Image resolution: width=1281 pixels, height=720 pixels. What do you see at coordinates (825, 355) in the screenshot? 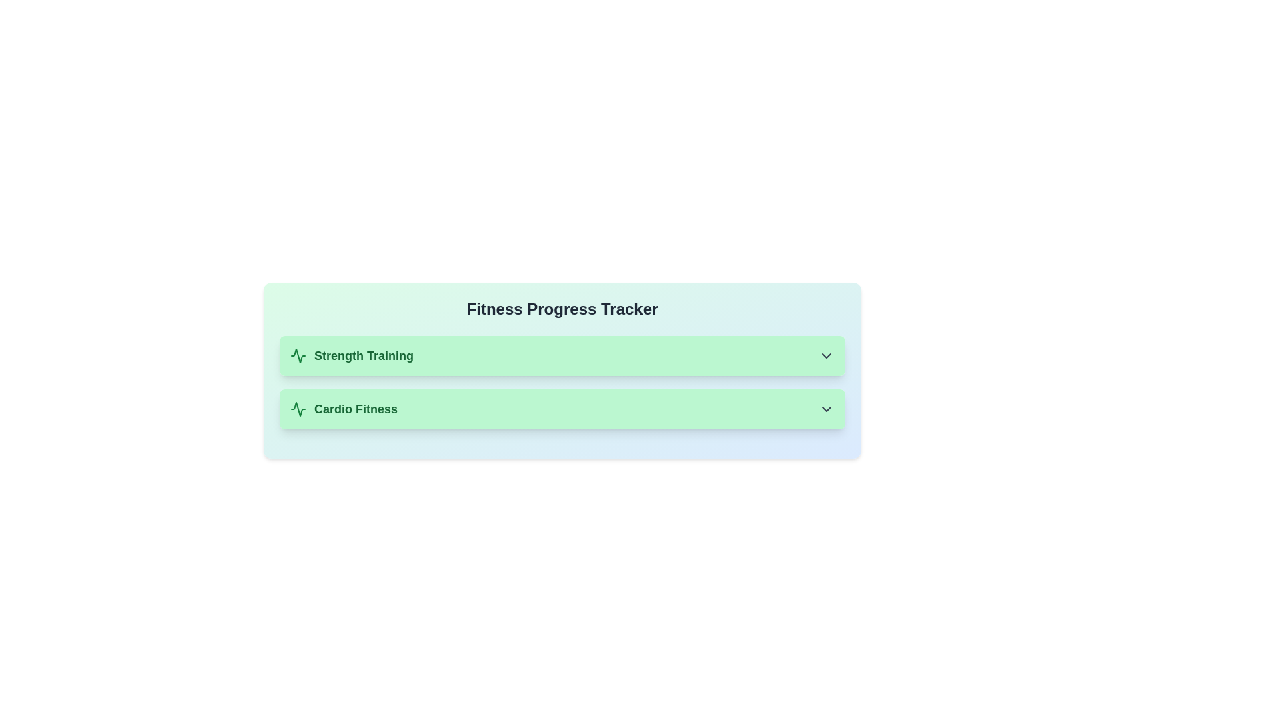
I see `the dropdown toggle icon located at the far-right side of the 'Strength Training' section` at bounding box center [825, 355].